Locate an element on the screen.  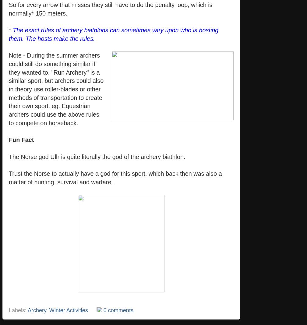
'The Norse god Ullr is quite literally the god of the archery biathlon.' is located at coordinates (9, 156).